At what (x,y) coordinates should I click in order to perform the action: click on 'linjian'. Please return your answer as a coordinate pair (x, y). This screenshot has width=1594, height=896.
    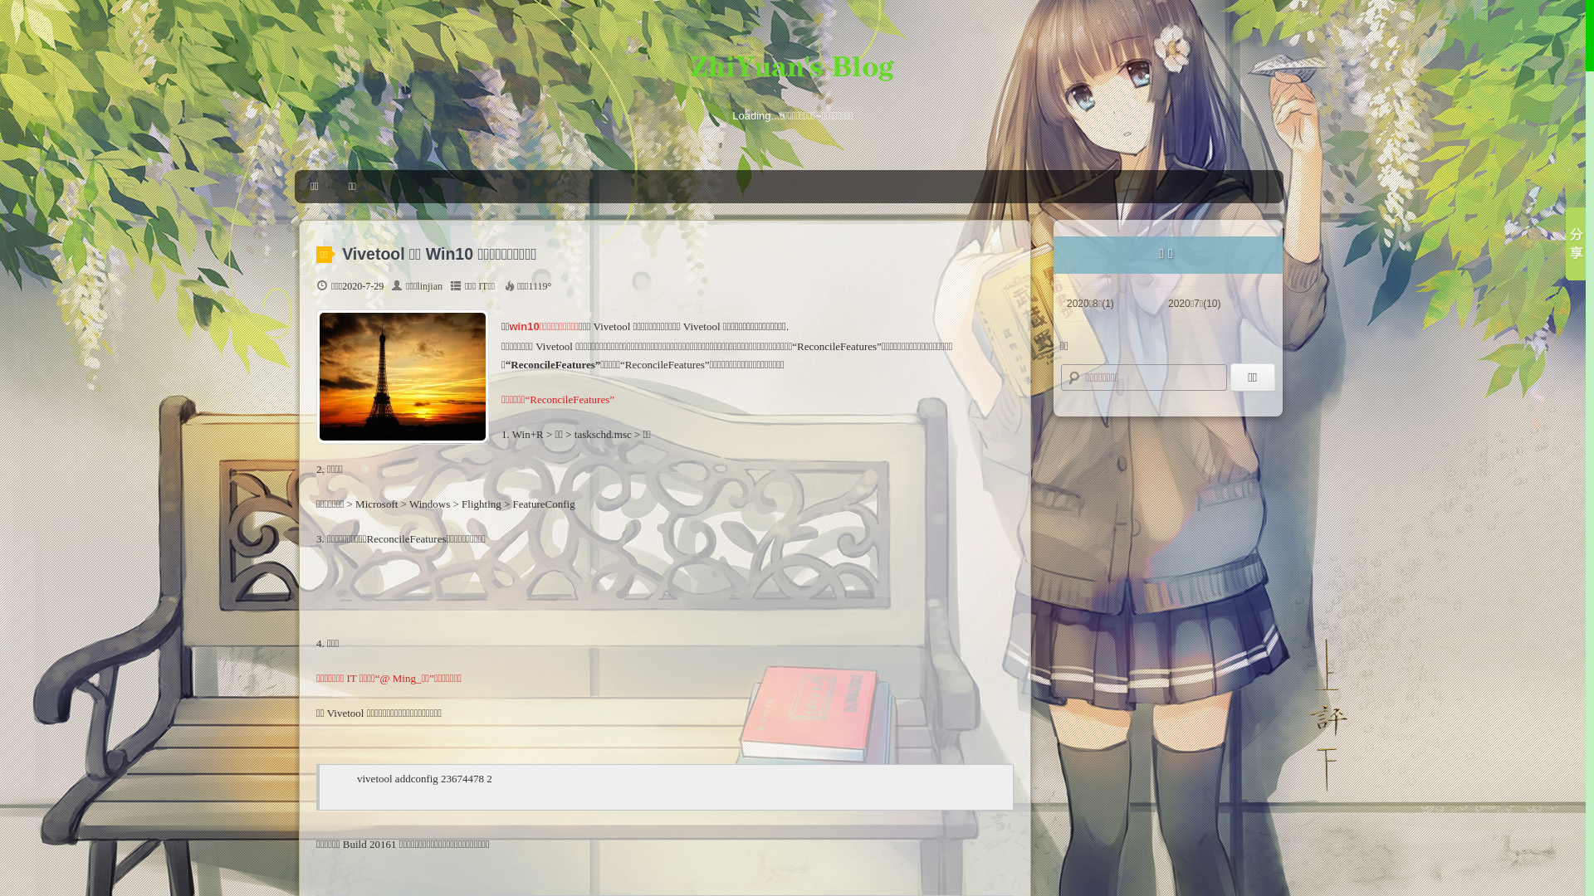
    Looking at the image, I should click on (429, 285).